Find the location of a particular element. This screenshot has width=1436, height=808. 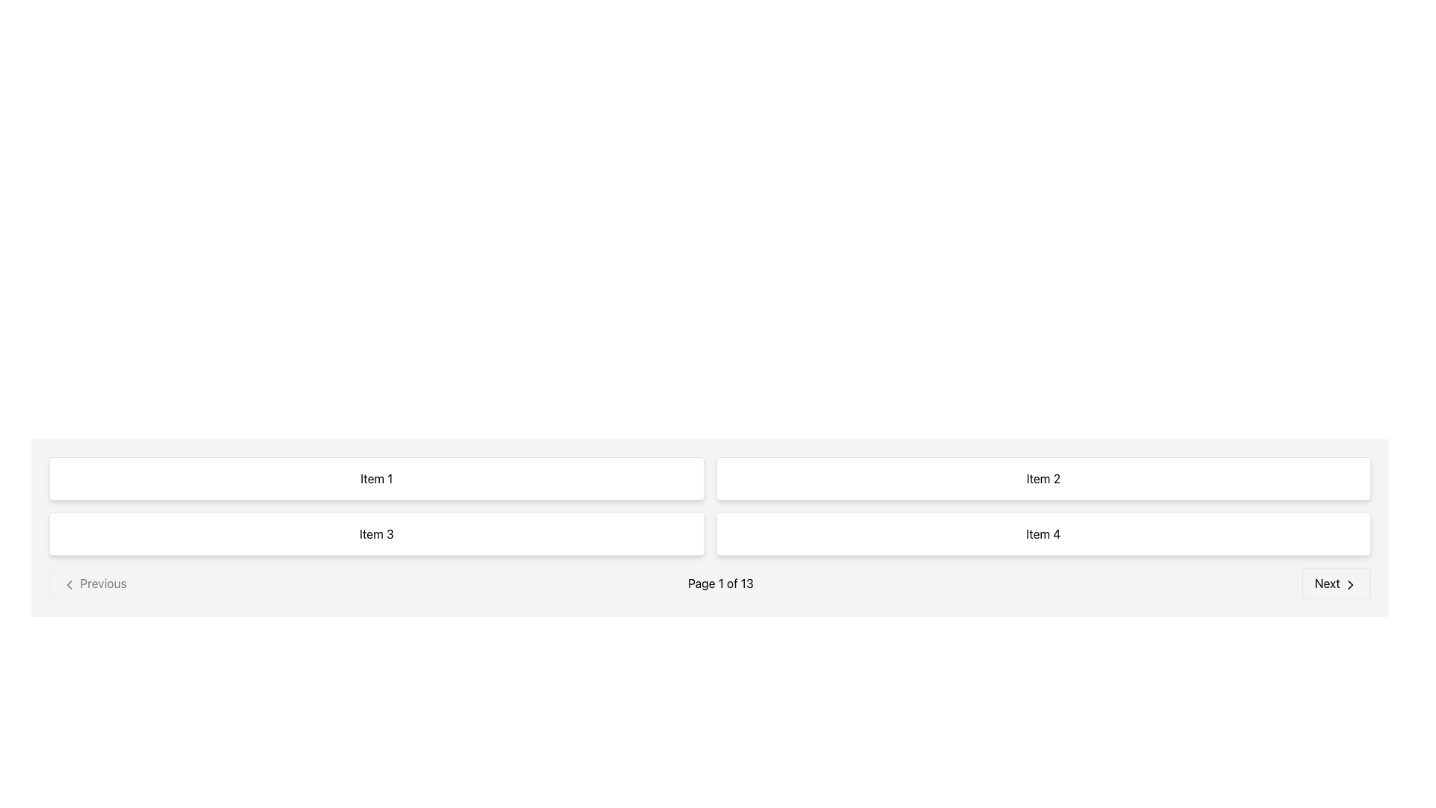

pagination information displayed in the text label that shows 'Page 1 of 13', located centrally in the pagination bar between the 'Previous' and 'Next' buttons is located at coordinates (720, 582).